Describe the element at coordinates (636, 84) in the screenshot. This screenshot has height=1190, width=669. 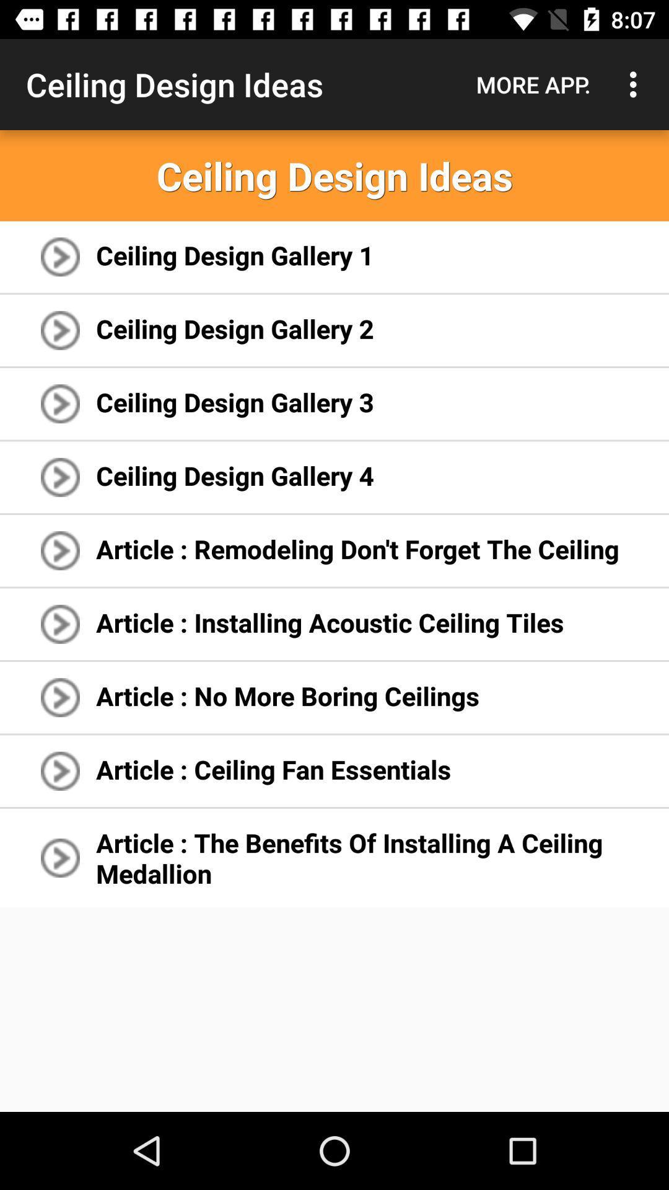
I see `icon above the ceiling design ideas app` at that location.